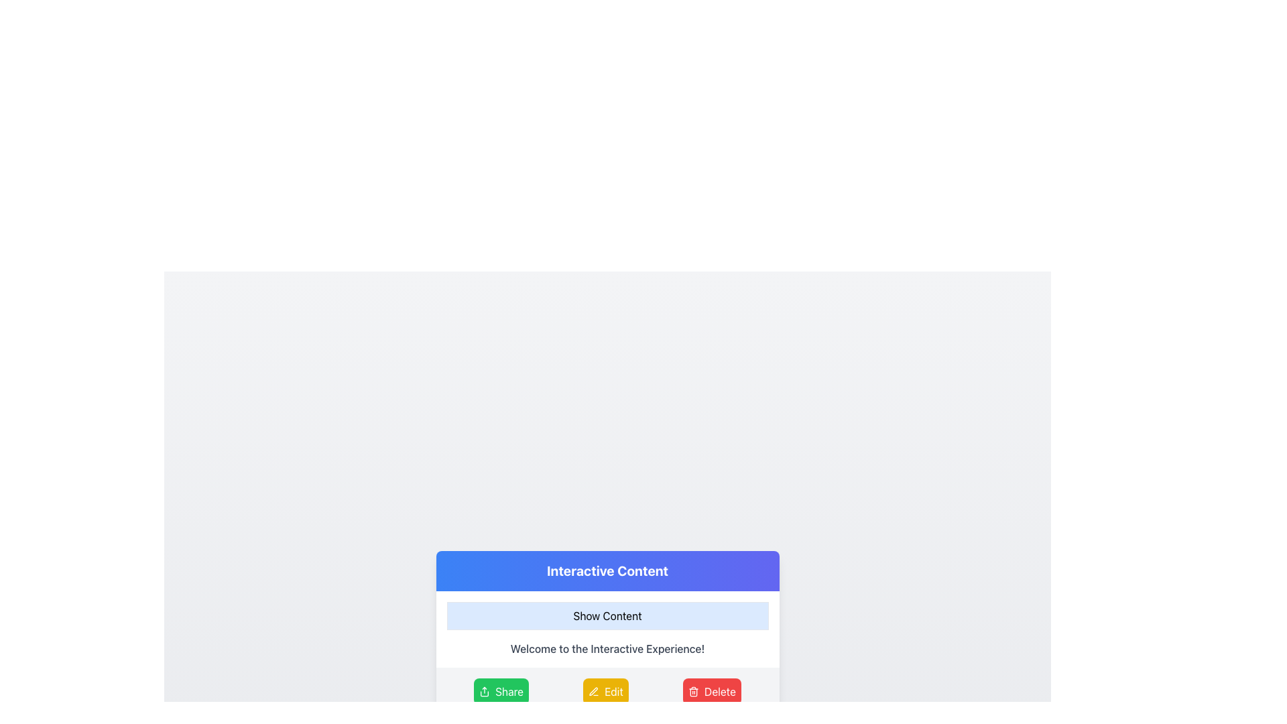 The width and height of the screenshot is (1287, 724). Describe the element at coordinates (484, 692) in the screenshot. I see `the 'Share' button which contains the icon signifying the 'Share' action, located at the bottom center of the UI layout` at that location.